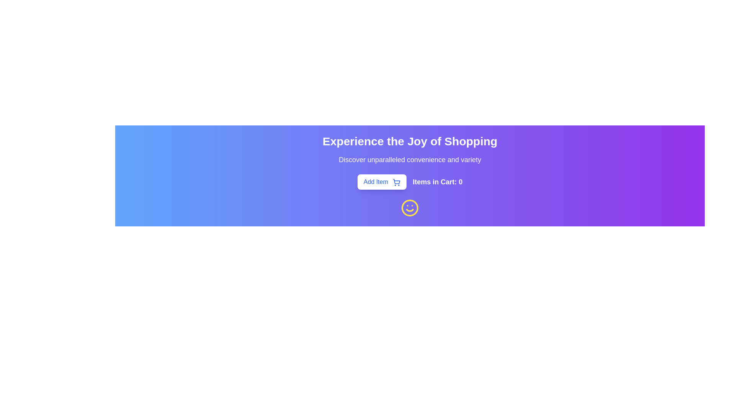 Image resolution: width=735 pixels, height=413 pixels. Describe the element at coordinates (397, 182) in the screenshot. I see `the shopping cart icon located to the right of the 'Add Item' text within a button that has a white background and rounded corners` at that location.